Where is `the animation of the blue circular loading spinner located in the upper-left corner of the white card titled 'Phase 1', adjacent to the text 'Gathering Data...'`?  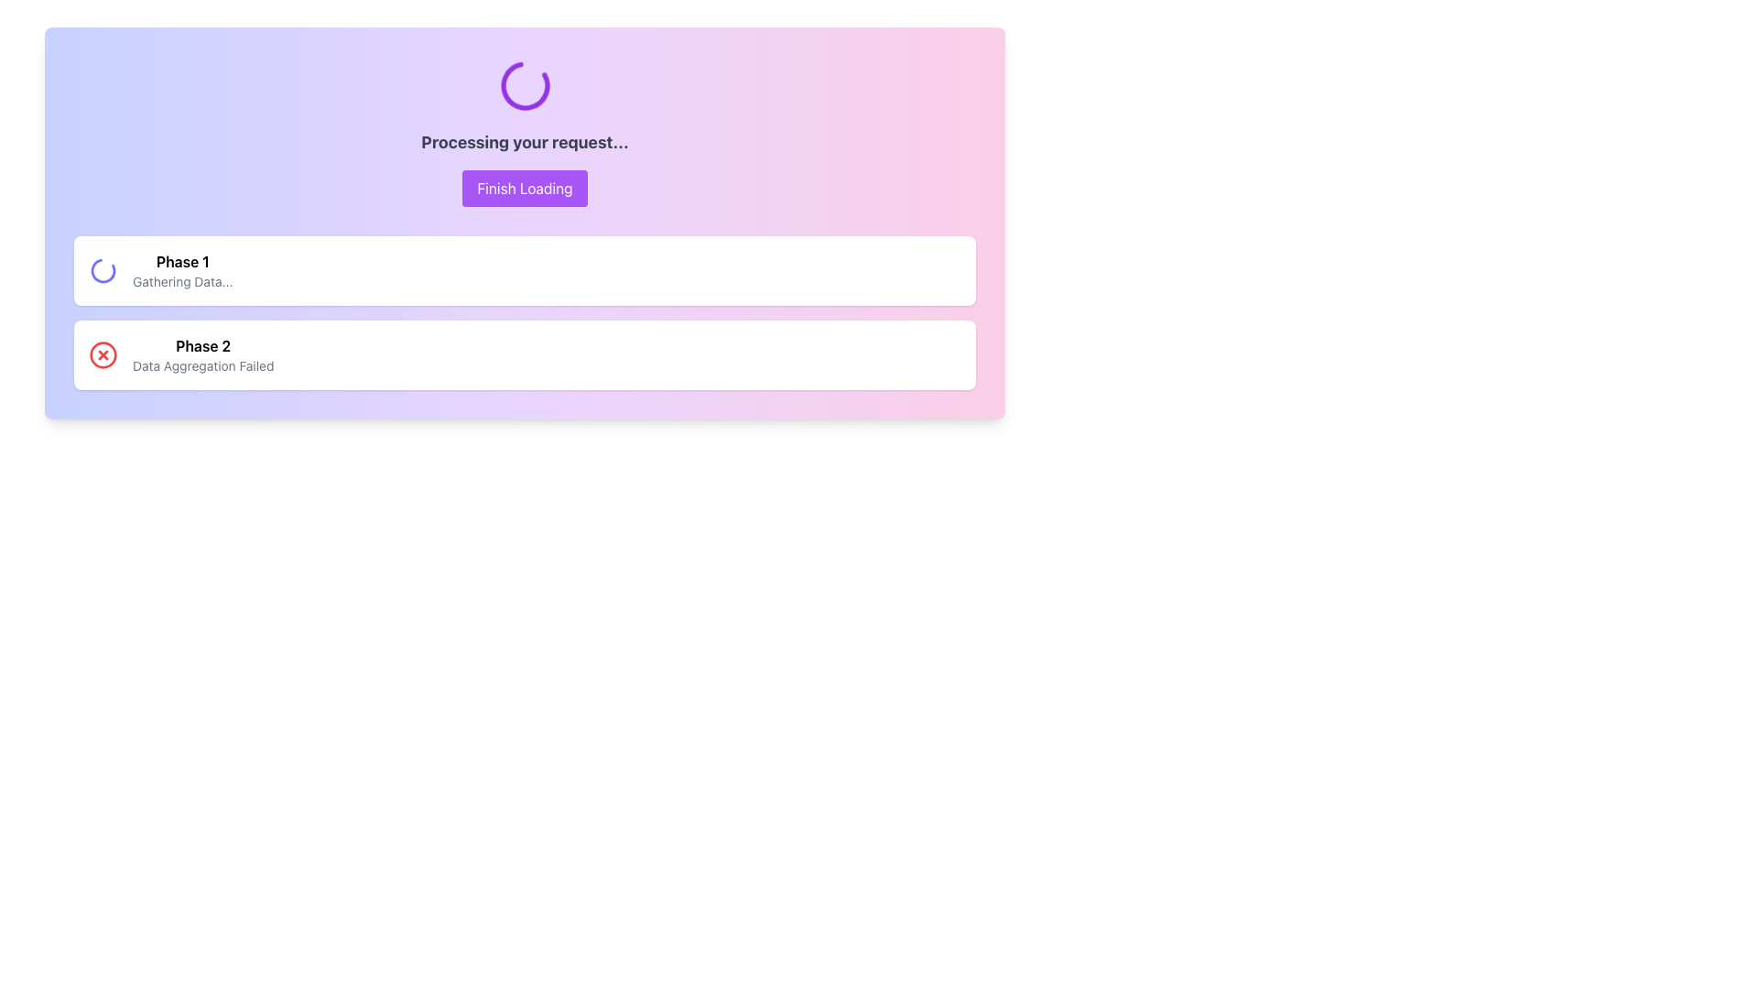 the animation of the blue circular loading spinner located in the upper-left corner of the white card titled 'Phase 1', adjacent to the text 'Gathering Data...' is located at coordinates (103, 271).